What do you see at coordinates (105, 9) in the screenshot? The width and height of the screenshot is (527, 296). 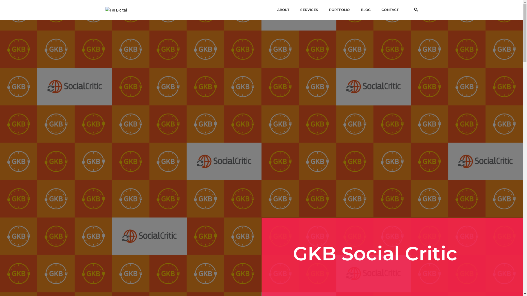 I see `'TRI Digital'` at bounding box center [105, 9].